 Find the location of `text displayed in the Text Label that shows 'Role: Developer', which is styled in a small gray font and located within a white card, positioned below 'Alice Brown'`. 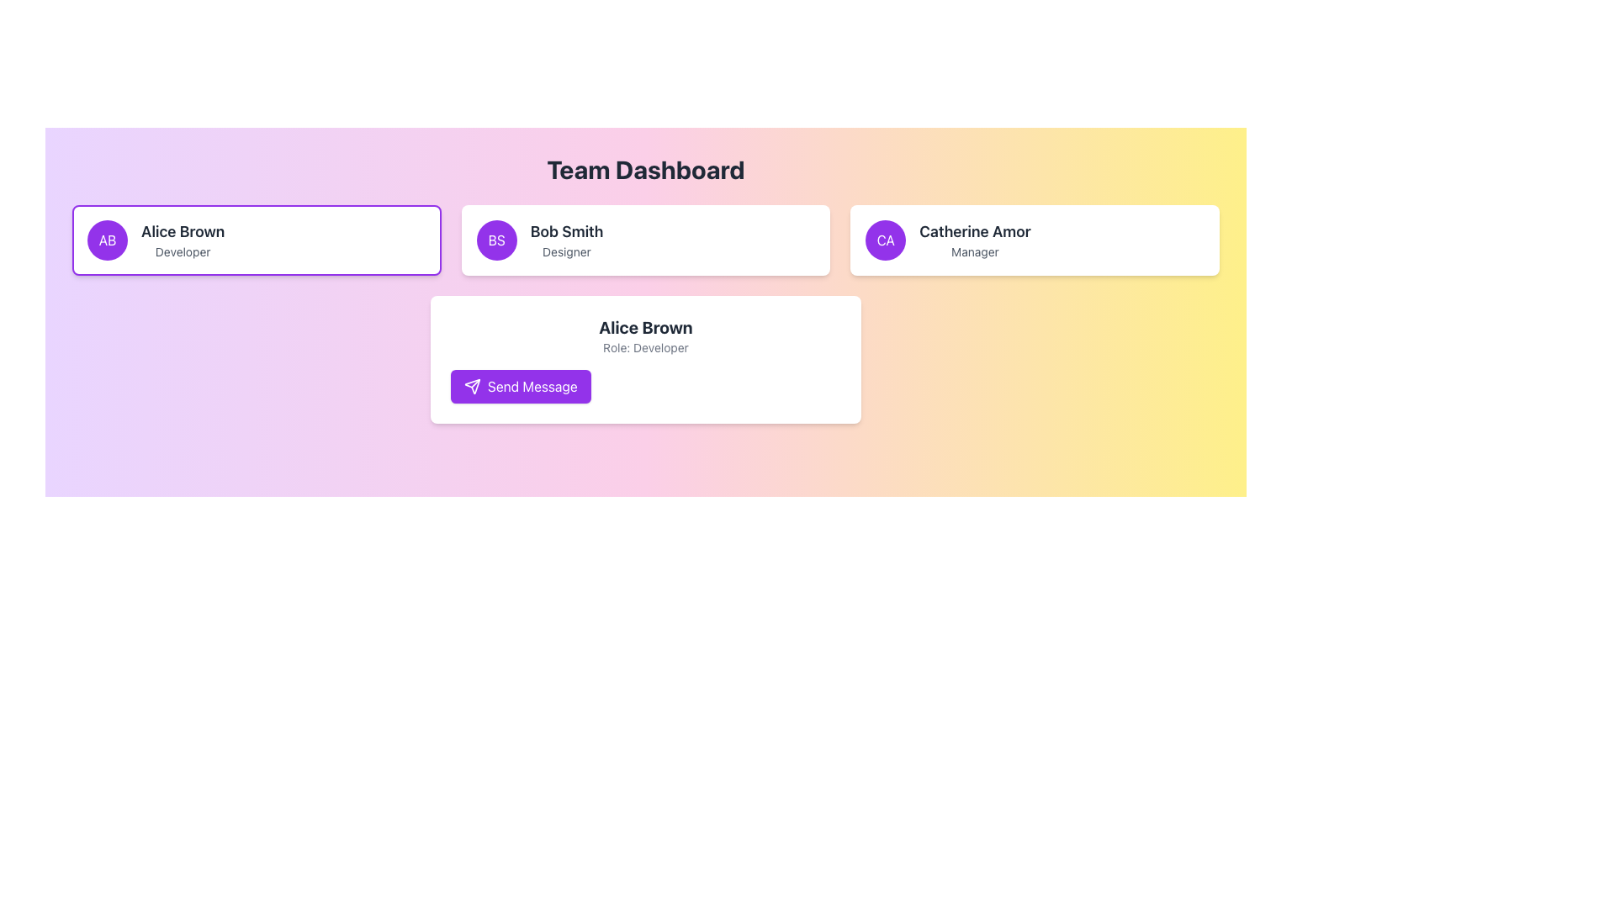

text displayed in the Text Label that shows 'Role: Developer', which is styled in a small gray font and located within a white card, positioned below 'Alice Brown' is located at coordinates (645, 346).